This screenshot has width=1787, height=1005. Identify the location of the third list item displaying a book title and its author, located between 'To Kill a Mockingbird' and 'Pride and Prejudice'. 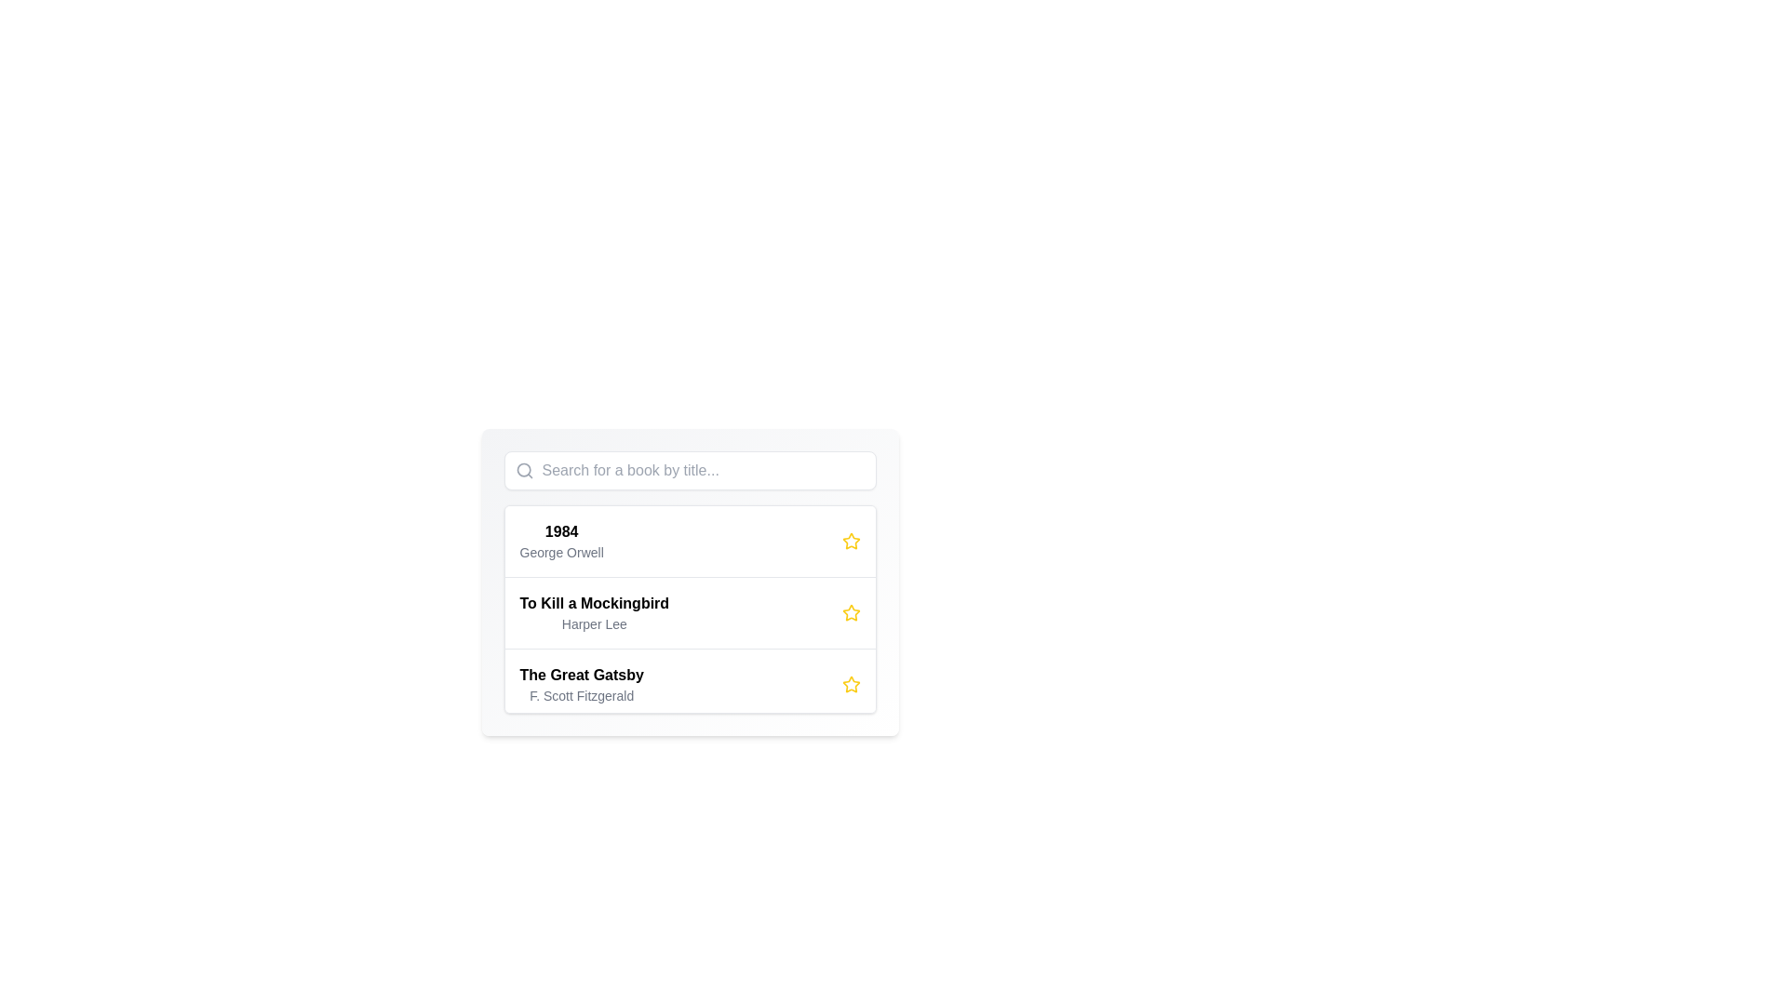
(689, 684).